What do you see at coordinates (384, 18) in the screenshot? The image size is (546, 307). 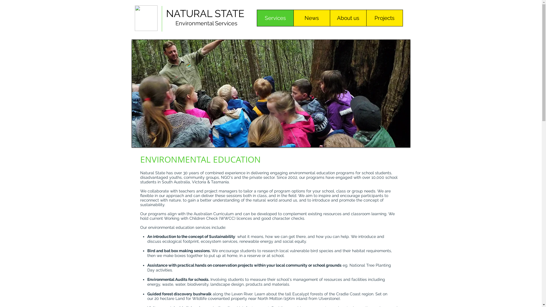 I see `'Projects'` at bounding box center [384, 18].